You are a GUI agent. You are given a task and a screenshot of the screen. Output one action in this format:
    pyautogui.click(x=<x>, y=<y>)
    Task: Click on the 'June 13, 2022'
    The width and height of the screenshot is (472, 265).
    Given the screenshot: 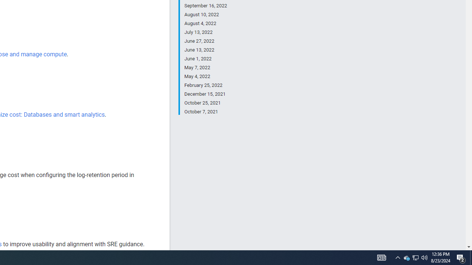 What is the action you would take?
    pyautogui.click(x=205, y=50)
    